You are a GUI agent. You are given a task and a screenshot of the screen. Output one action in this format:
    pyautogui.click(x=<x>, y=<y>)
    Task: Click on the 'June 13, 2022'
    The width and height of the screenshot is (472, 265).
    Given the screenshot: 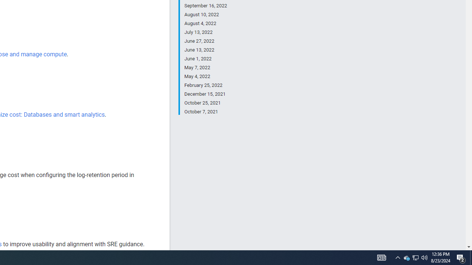 What is the action you would take?
    pyautogui.click(x=205, y=50)
    